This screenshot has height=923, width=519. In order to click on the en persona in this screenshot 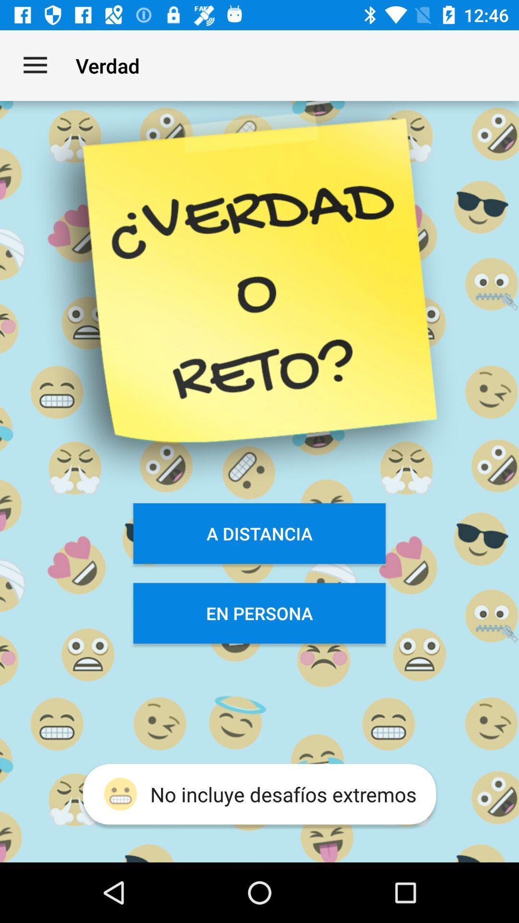, I will do `click(259, 612)`.